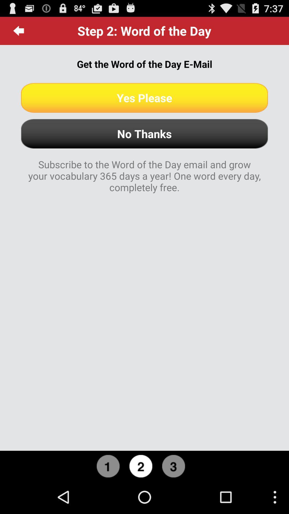  Describe the element at coordinates (144, 98) in the screenshot. I see `the item above the no thanks` at that location.